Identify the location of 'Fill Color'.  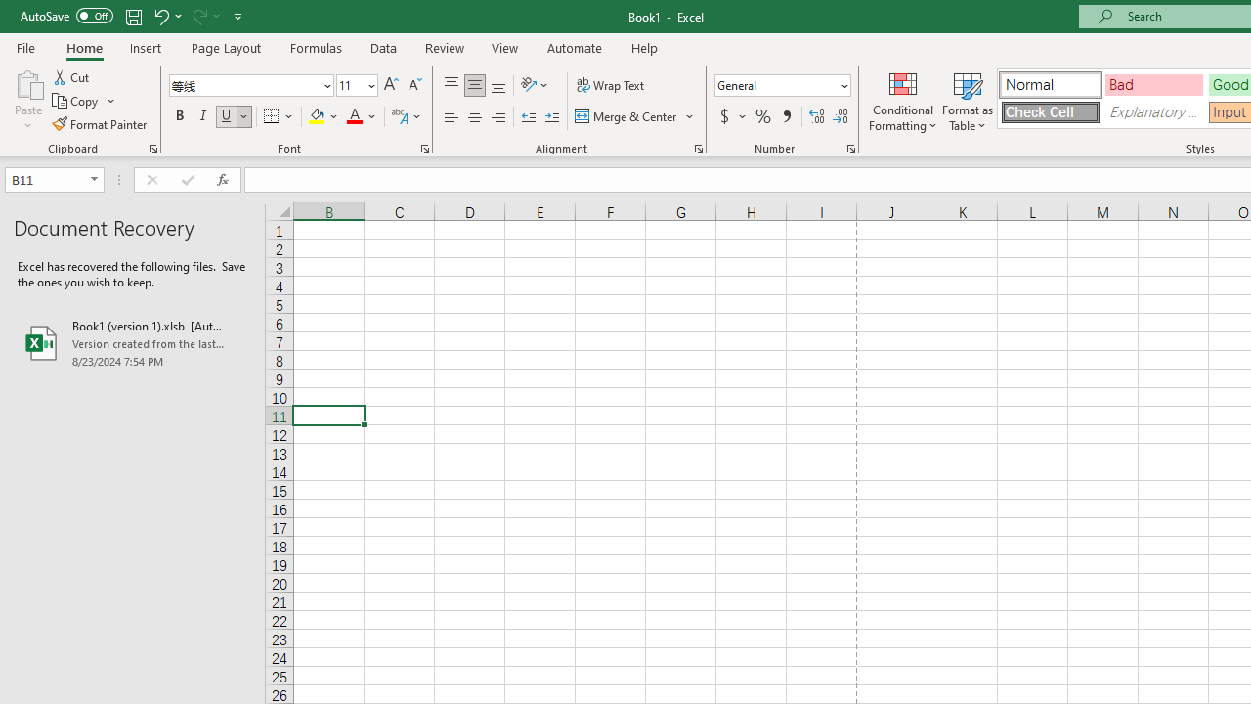
(324, 116).